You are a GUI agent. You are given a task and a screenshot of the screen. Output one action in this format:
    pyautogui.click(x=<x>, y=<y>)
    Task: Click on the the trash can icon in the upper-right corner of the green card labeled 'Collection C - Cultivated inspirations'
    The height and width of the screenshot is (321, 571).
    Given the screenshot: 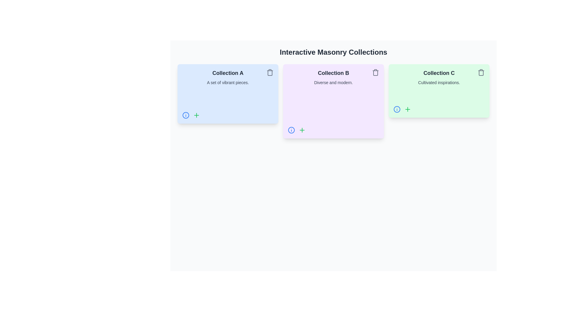 What is the action you would take?
    pyautogui.click(x=481, y=72)
    